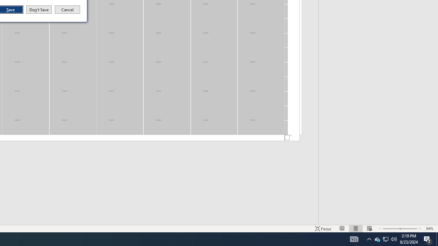 This screenshot has height=246, width=438. I want to click on 'Zoom In', so click(408, 229).